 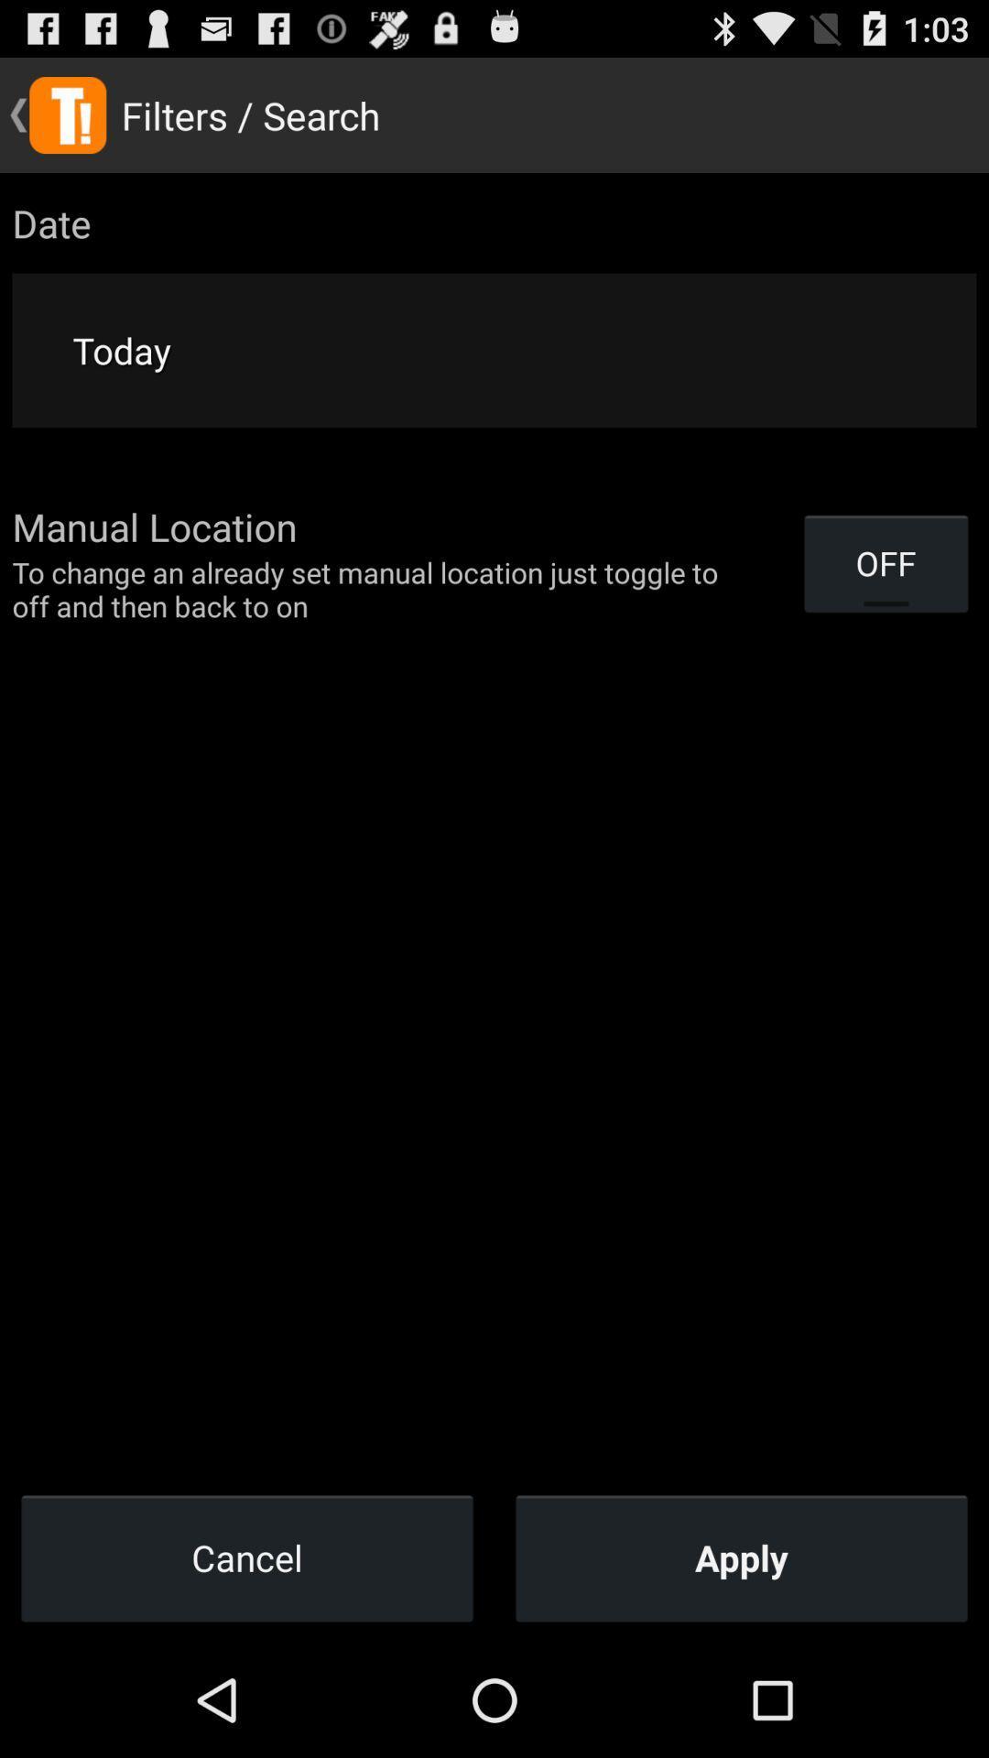 I want to click on apply icon, so click(x=742, y=1557).